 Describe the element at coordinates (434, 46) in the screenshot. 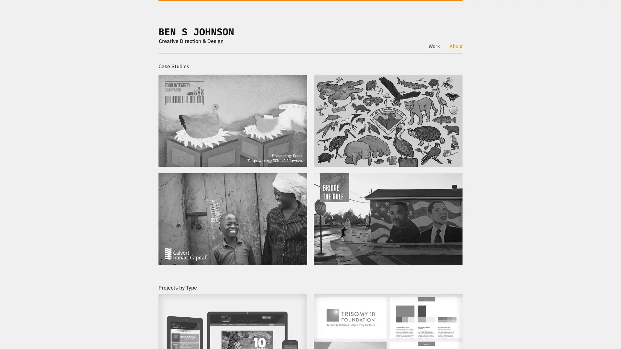

I see `Work` at that location.